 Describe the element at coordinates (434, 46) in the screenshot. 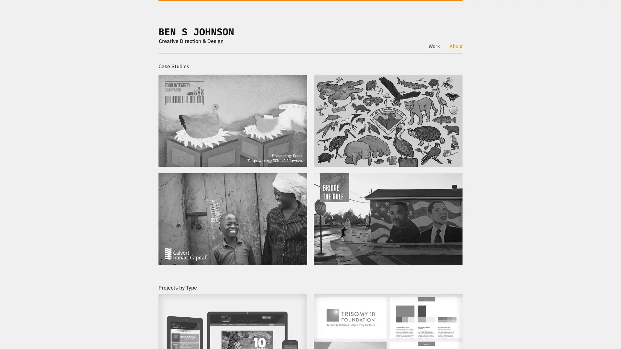

I see `Work` at that location.